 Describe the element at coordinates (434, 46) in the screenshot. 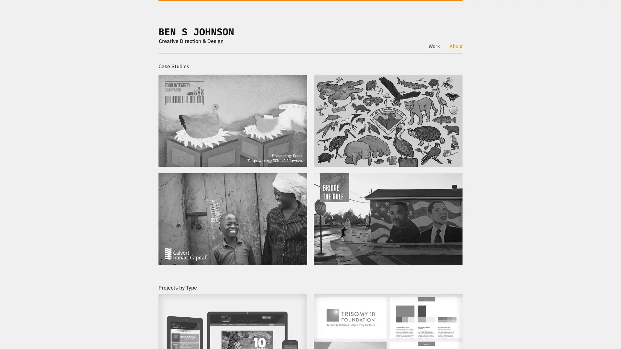

I see `Work` at that location.